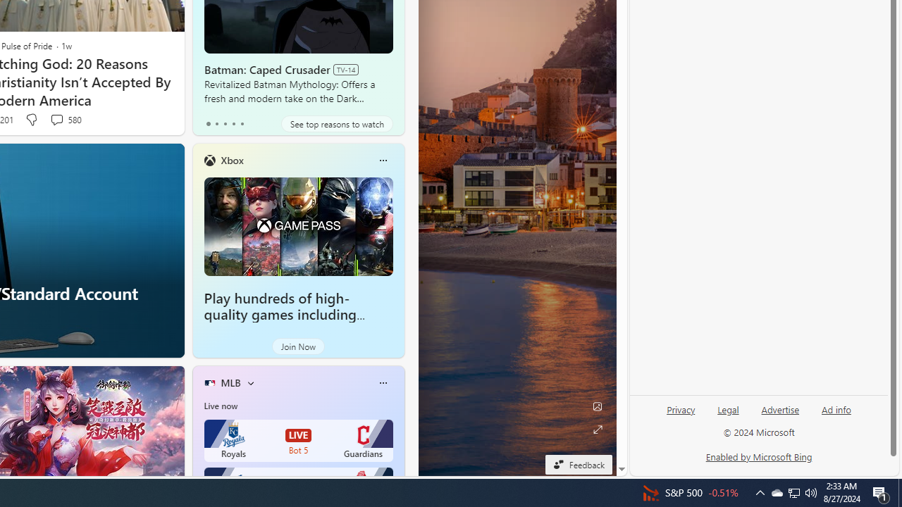 This screenshot has width=902, height=507. Describe the element at coordinates (297, 440) in the screenshot. I see `'Royals LIVE Bot 5 Guardians'` at that location.